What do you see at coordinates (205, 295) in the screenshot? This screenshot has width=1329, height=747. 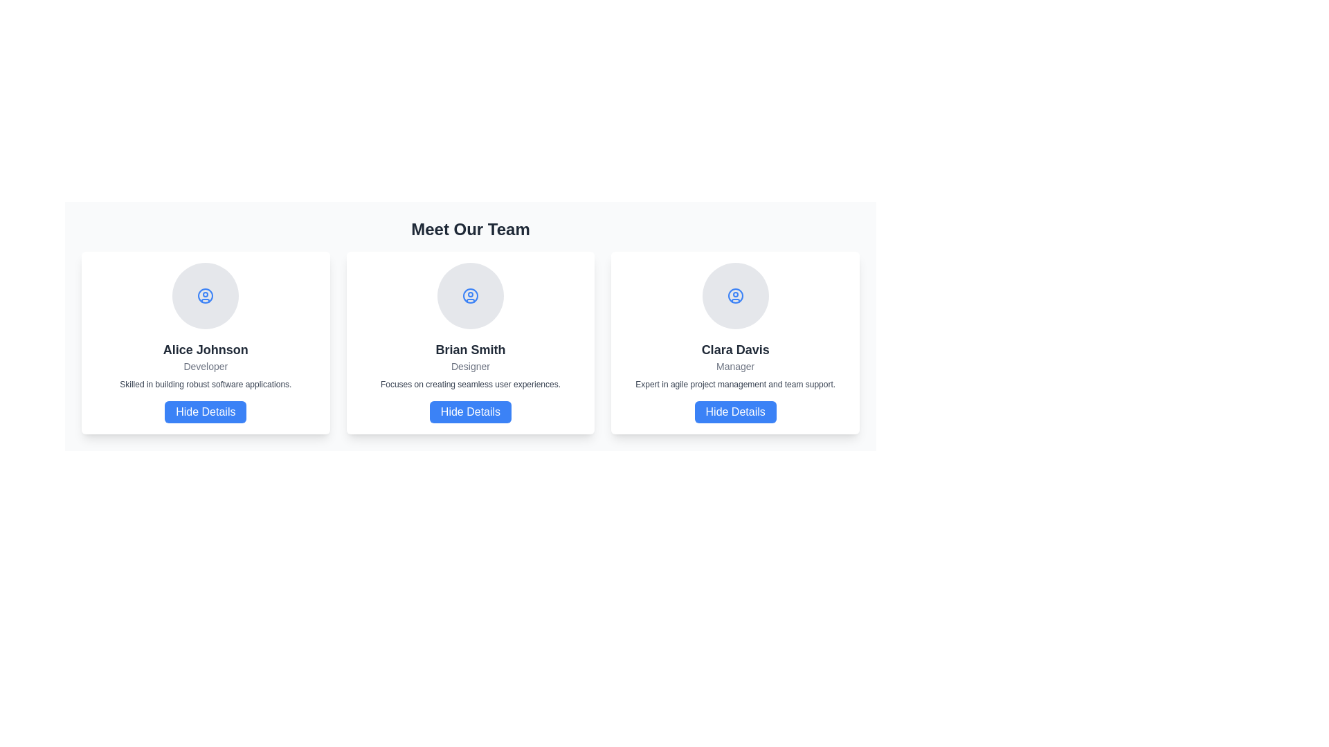 I see `the circular icon with a gray background and a blue user profile symbol representing 'Alice Johnson' in the top-center portion of the first card` at bounding box center [205, 295].